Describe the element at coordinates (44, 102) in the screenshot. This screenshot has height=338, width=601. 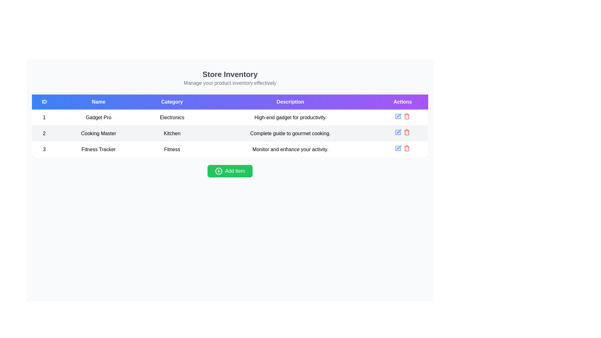
I see `the static text element that serves as a column header for identifiers, located as the first item in a row of table headers` at that location.